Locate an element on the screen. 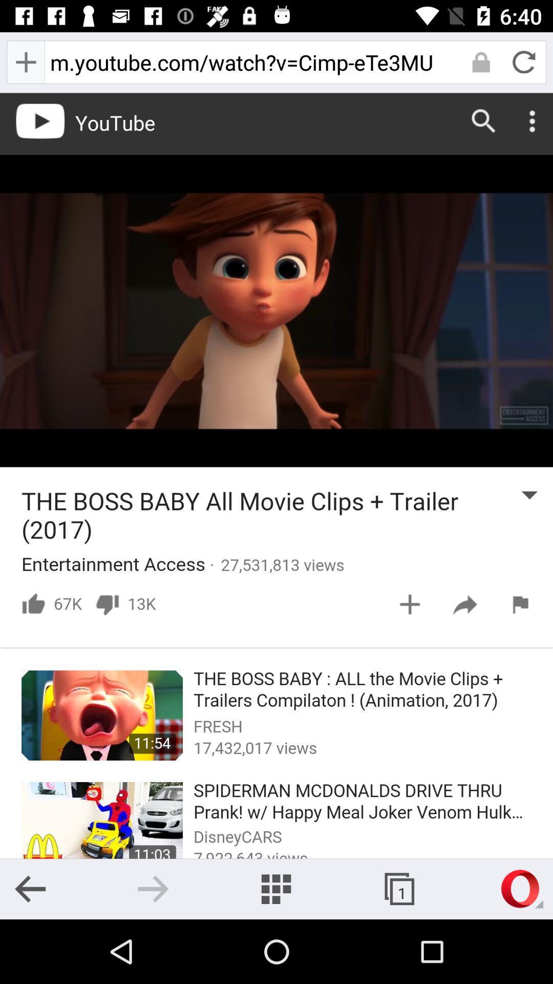 This screenshot has width=553, height=984. the arrow_backward icon is located at coordinates (30, 888).